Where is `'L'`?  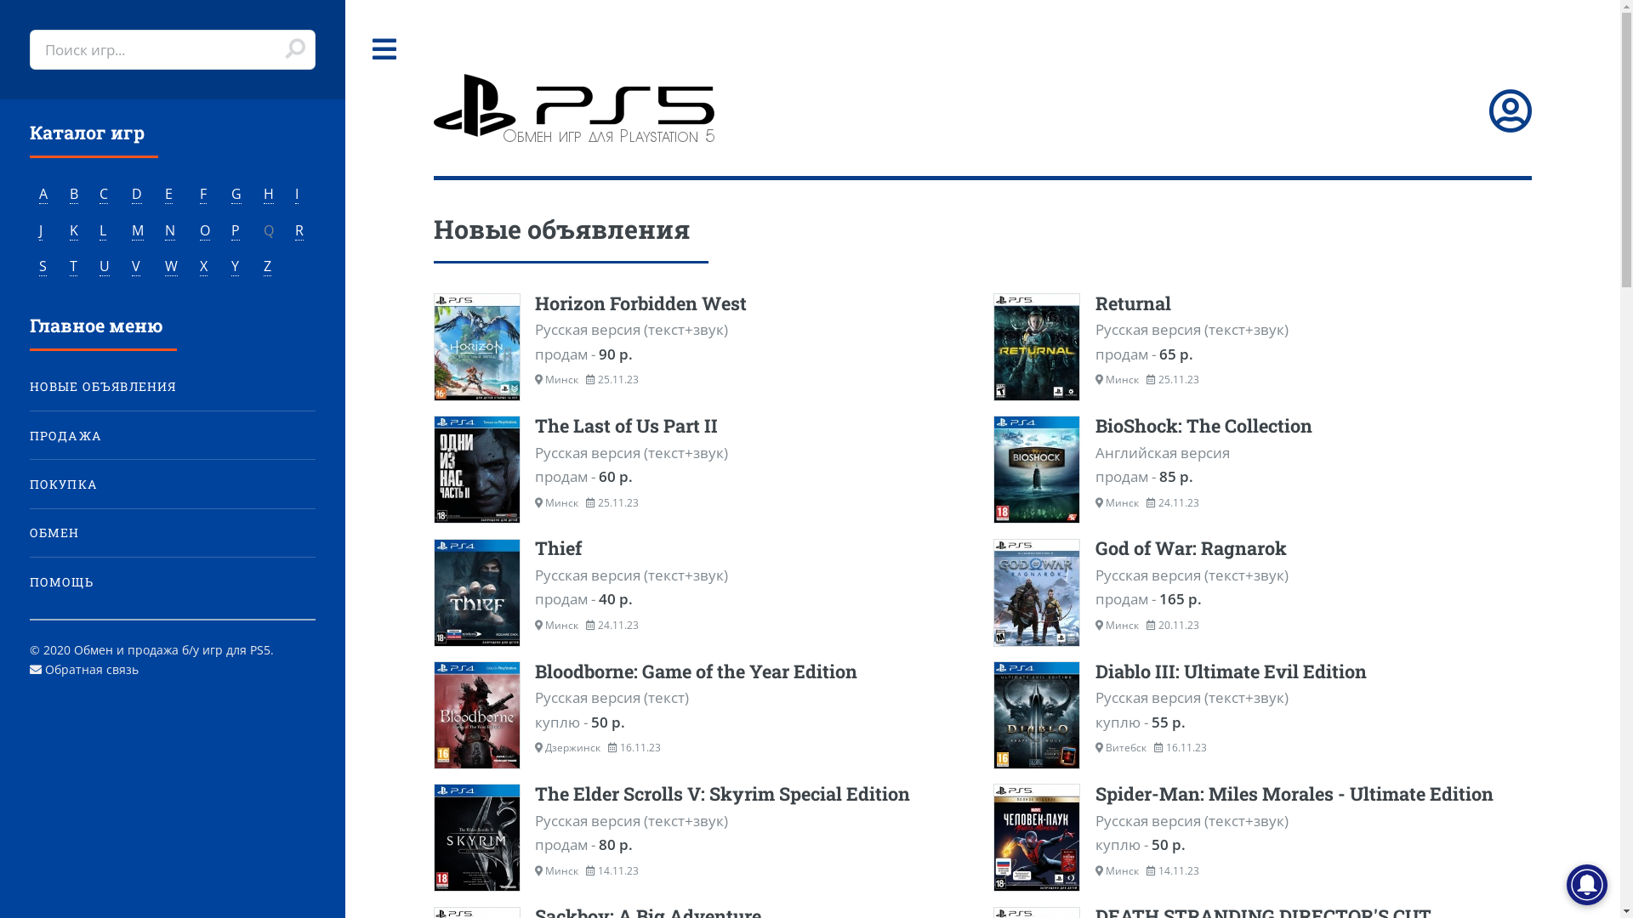 'L' is located at coordinates (101, 230).